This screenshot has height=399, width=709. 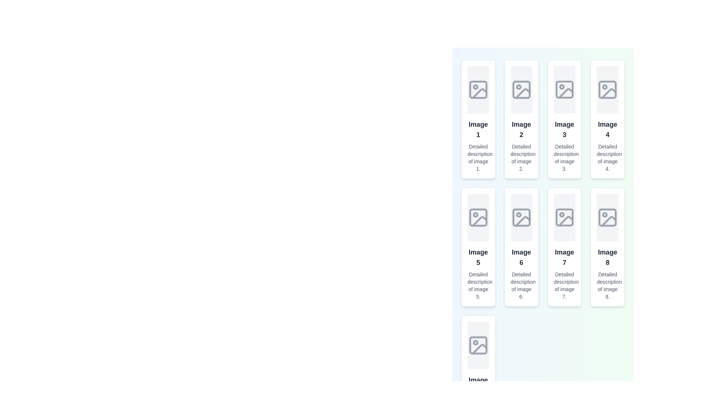 I want to click on the small, rounded rectangle icon resembling an image placeholder, located centrally within the card labeled 'Image 7', so click(x=564, y=217).